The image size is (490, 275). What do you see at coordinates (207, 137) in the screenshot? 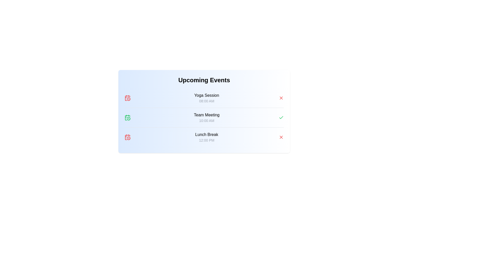
I see `the 'Lunch Break' event listing in the 'Upcoming Events' section` at bounding box center [207, 137].